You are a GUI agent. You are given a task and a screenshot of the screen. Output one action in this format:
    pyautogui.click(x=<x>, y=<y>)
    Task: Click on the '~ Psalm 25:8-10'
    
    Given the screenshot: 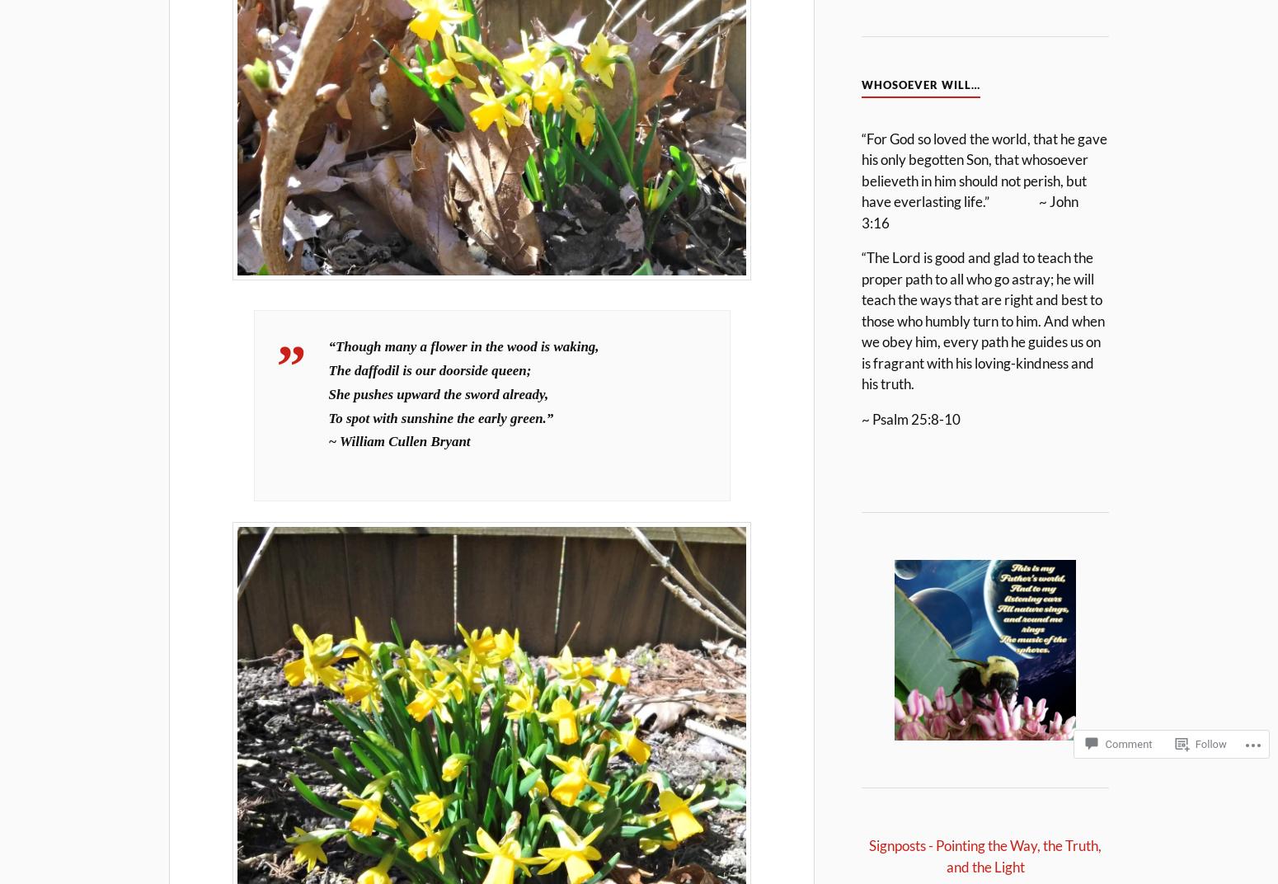 What is the action you would take?
    pyautogui.click(x=862, y=418)
    